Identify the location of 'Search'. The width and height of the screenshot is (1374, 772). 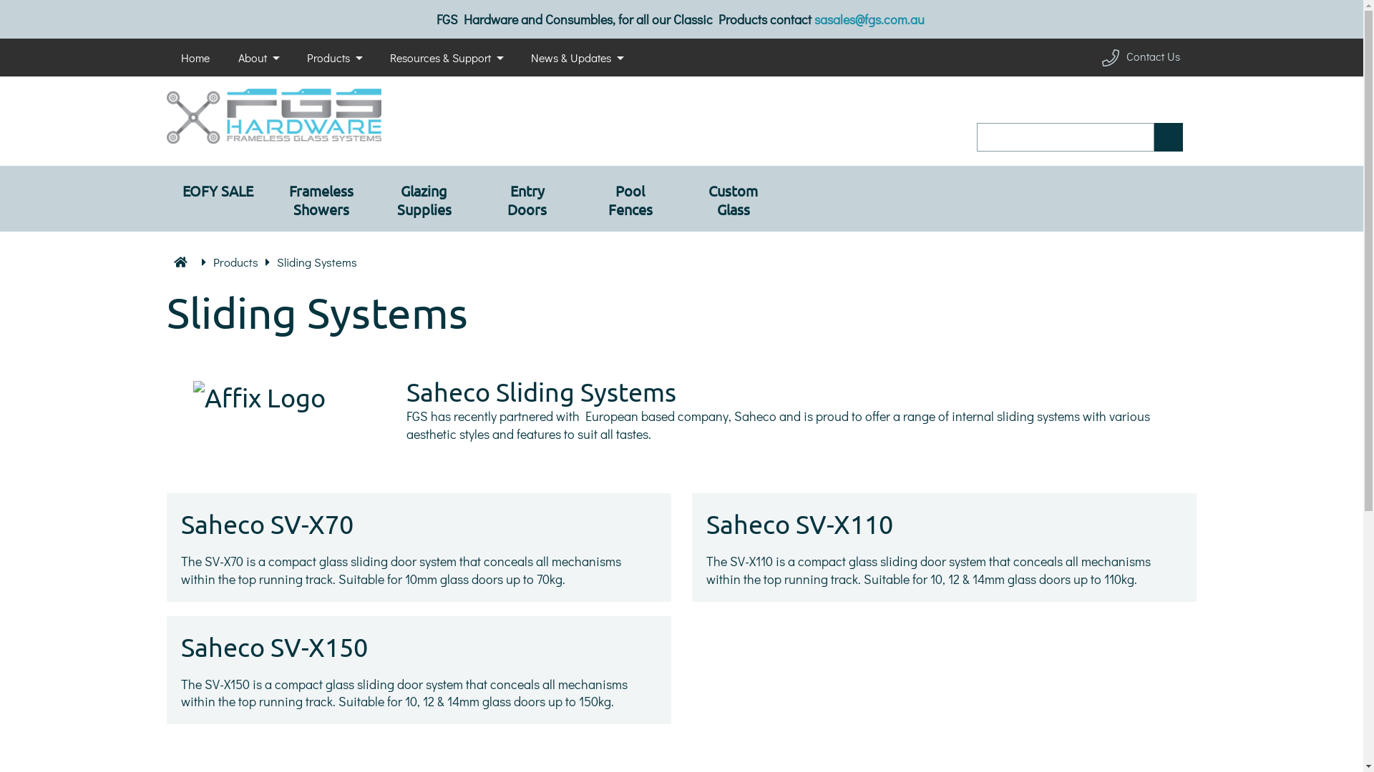
(1168, 137).